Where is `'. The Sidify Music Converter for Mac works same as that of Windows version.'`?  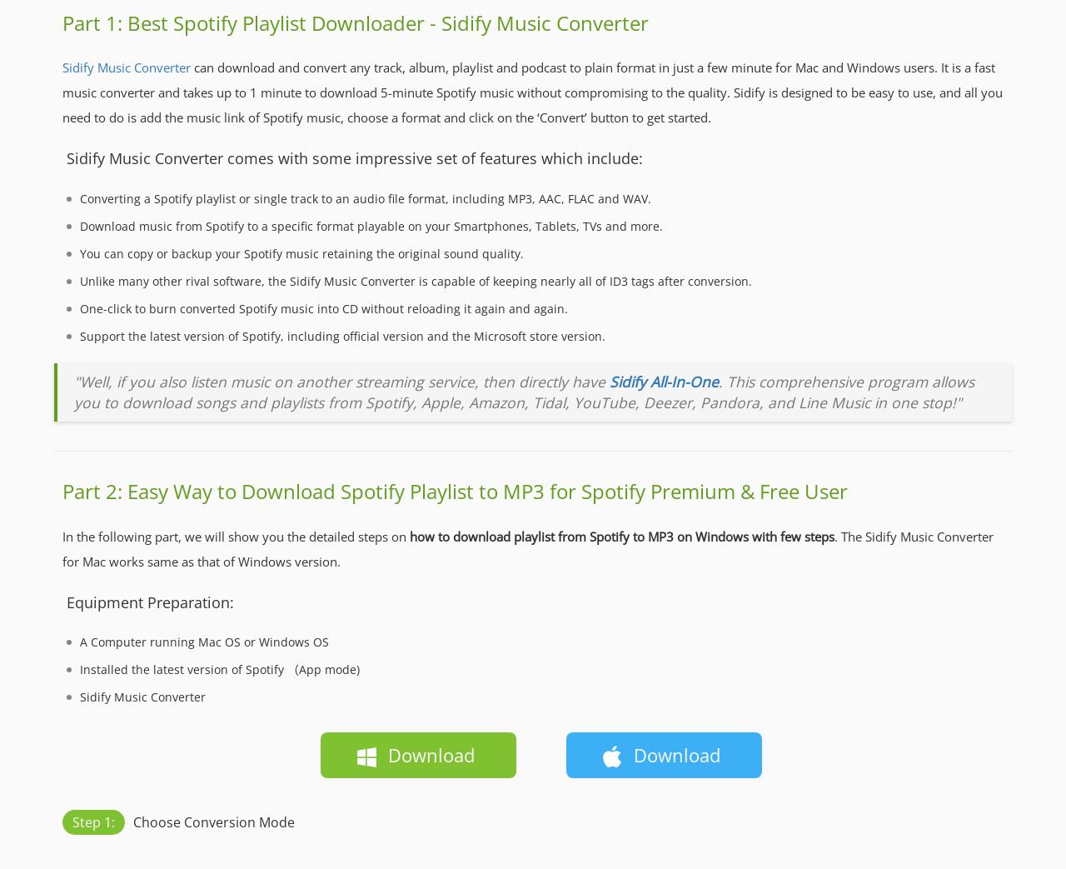 '. The Sidify Music Converter for Mac works same as that of Windows version.' is located at coordinates (62, 547).